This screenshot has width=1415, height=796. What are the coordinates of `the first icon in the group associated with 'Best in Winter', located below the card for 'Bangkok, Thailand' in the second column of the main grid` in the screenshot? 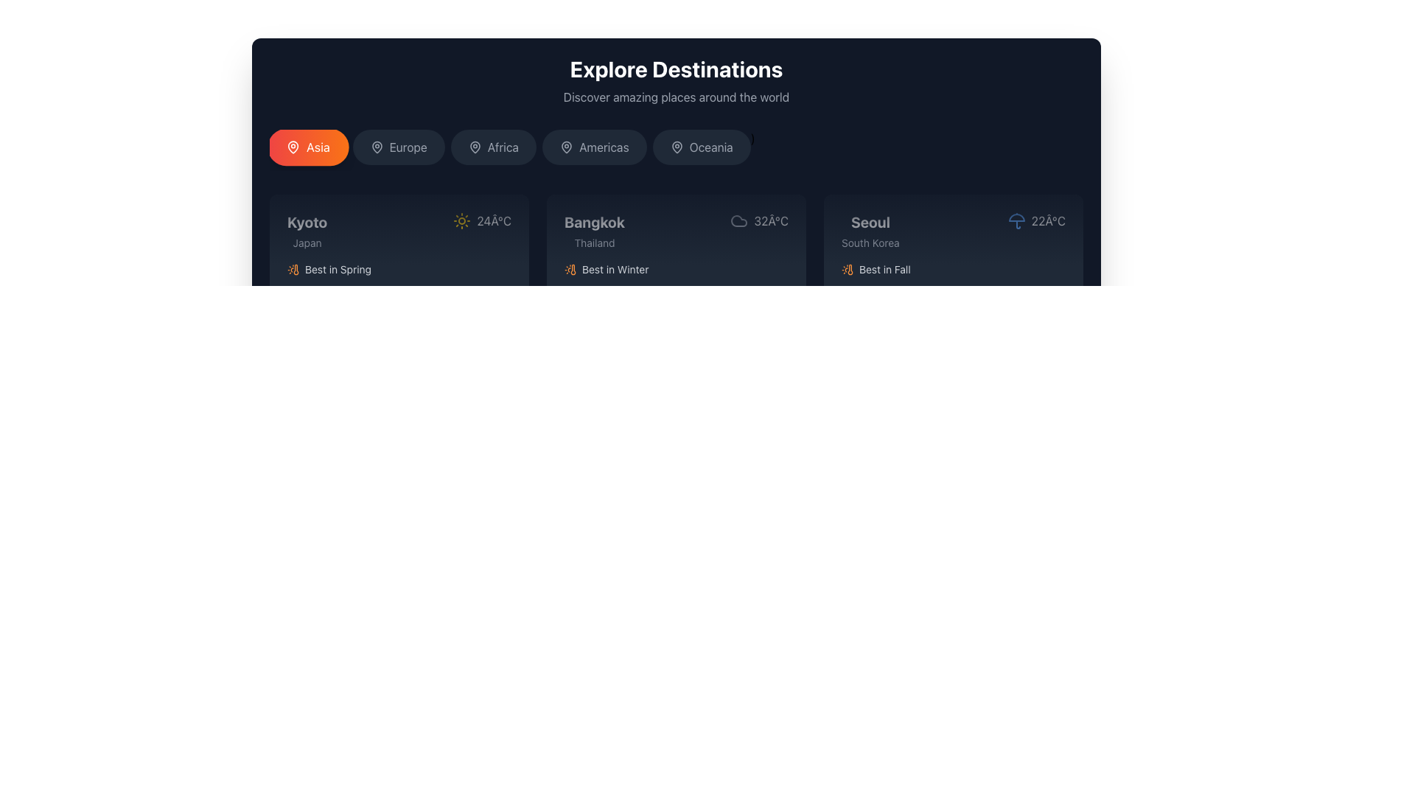 It's located at (569, 270).